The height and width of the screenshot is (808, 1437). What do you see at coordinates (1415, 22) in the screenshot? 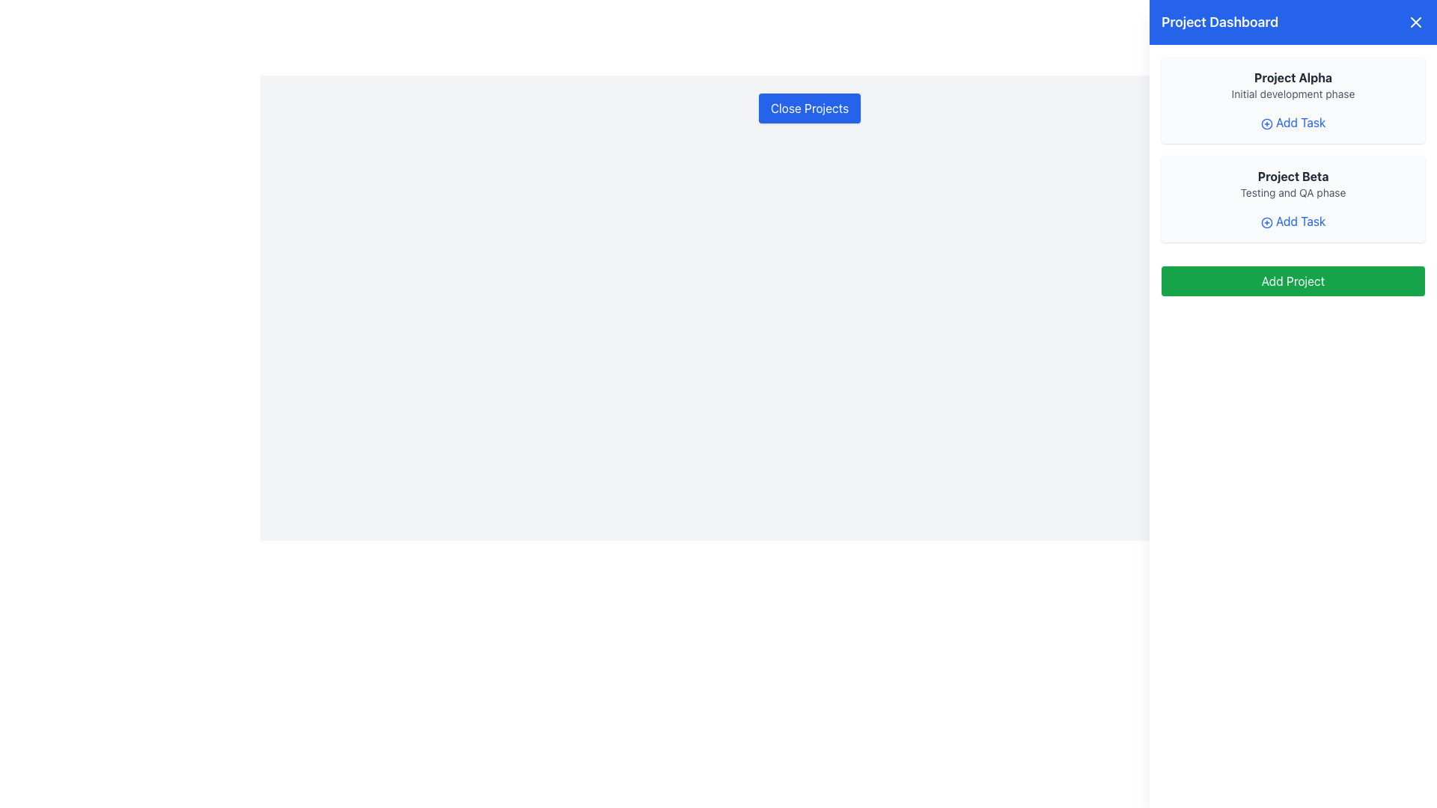
I see `the close button located in the top-right corner of the blue header bar labeled 'Project Dashboard' to provide visual feedback` at bounding box center [1415, 22].